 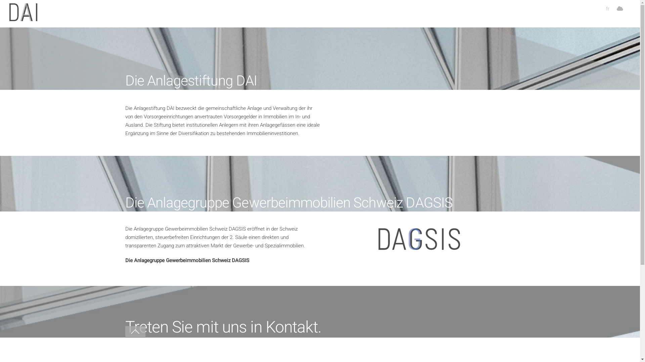 I want to click on 'fr', so click(x=607, y=9).